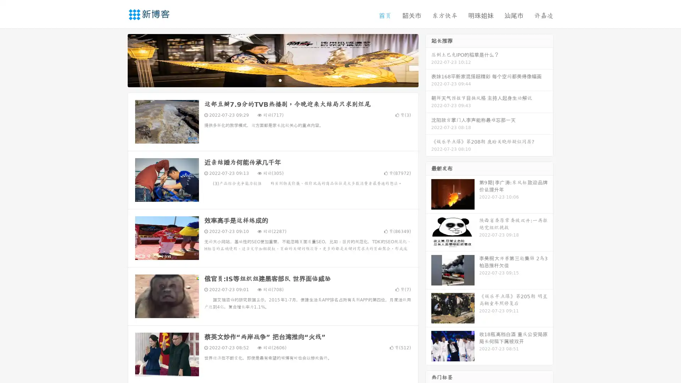  I want to click on Go to slide 1, so click(265, 80).